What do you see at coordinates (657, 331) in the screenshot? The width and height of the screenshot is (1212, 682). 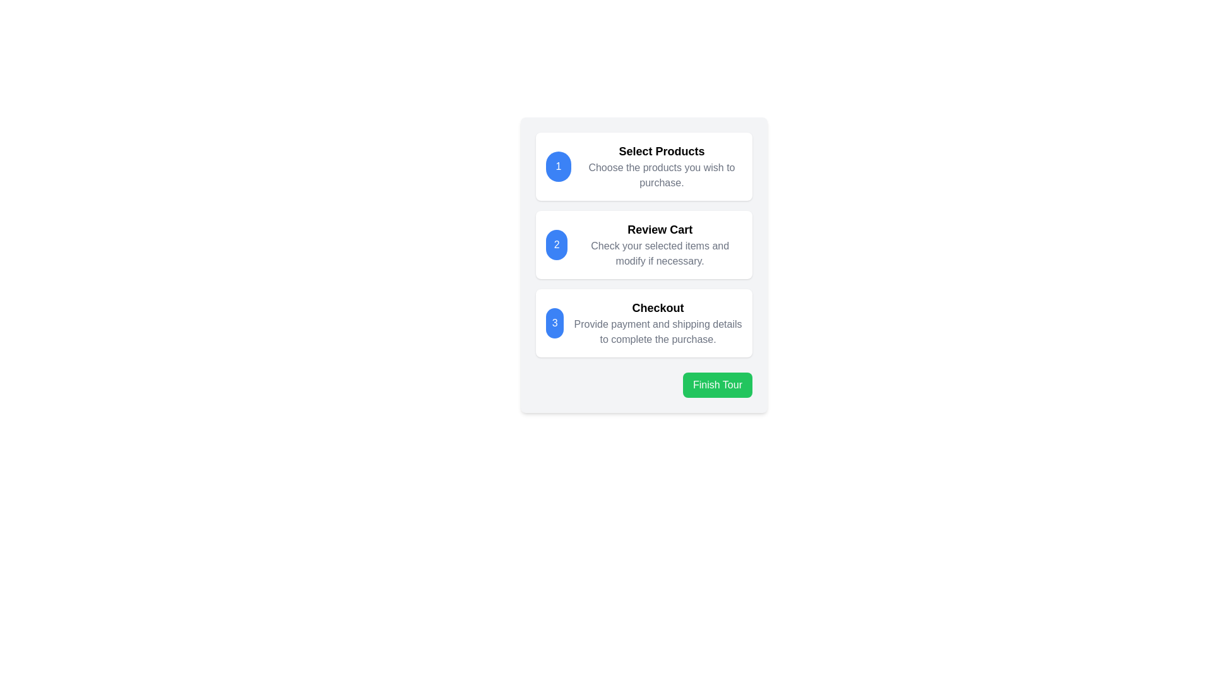 I see `the informational text that provides guidance for the checkout step, located below the 'Checkout' text in step 3` at bounding box center [657, 331].